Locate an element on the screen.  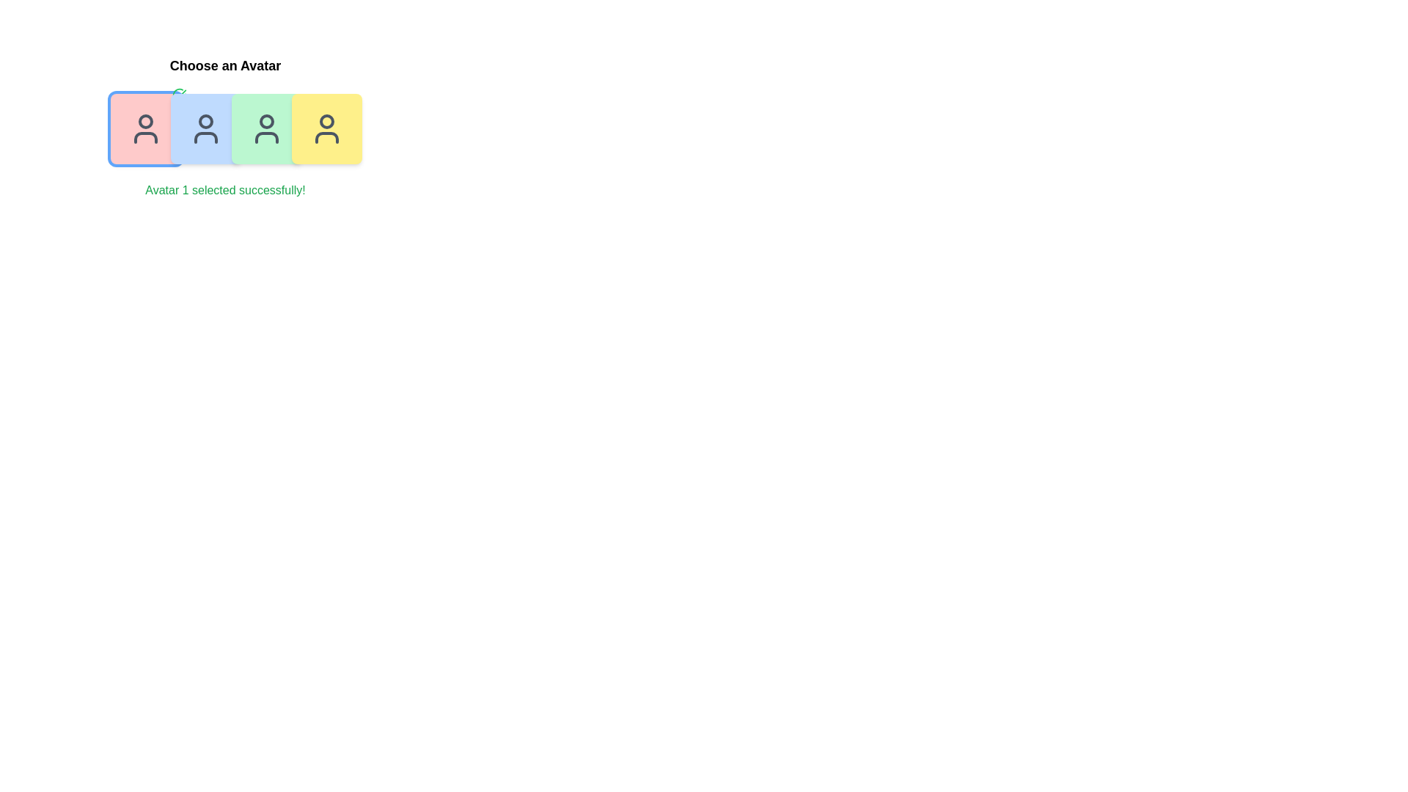
the circular element that represents the head of the user icon, located in the first colored card from the left among a row of four cards is located at coordinates (145, 120).